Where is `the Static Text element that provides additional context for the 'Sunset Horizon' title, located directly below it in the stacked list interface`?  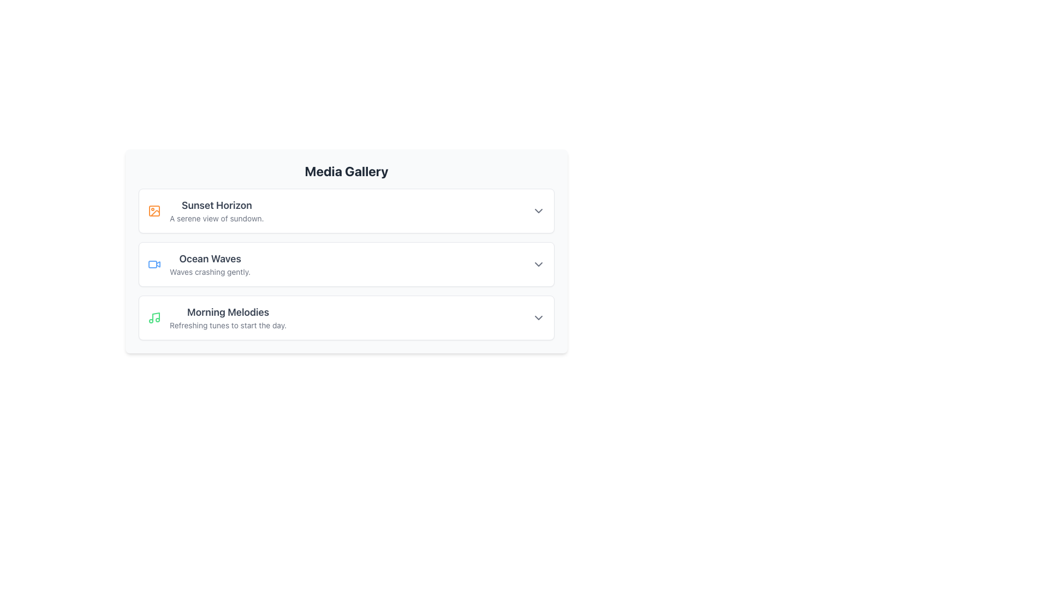 the Static Text element that provides additional context for the 'Sunset Horizon' title, located directly below it in the stacked list interface is located at coordinates (217, 219).